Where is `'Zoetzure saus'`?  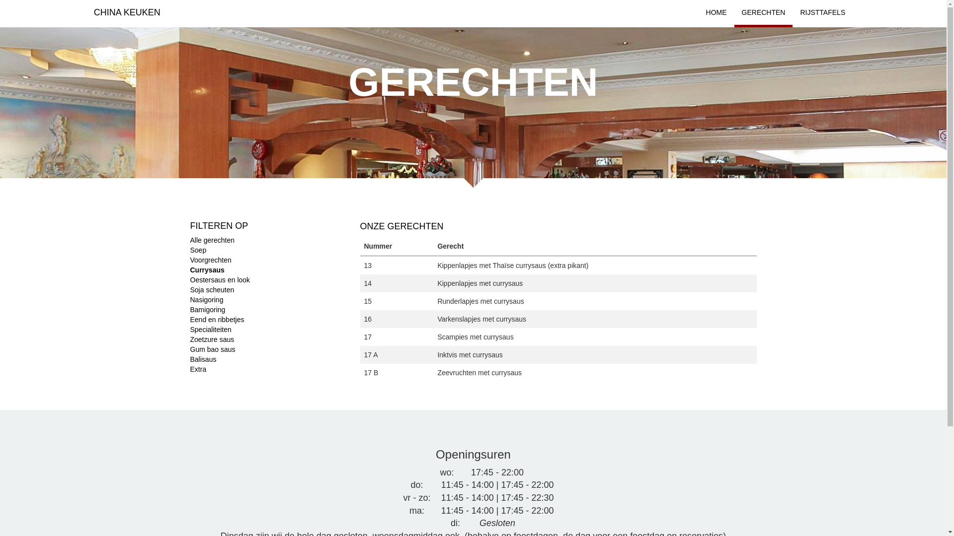 'Zoetzure saus' is located at coordinates (211, 338).